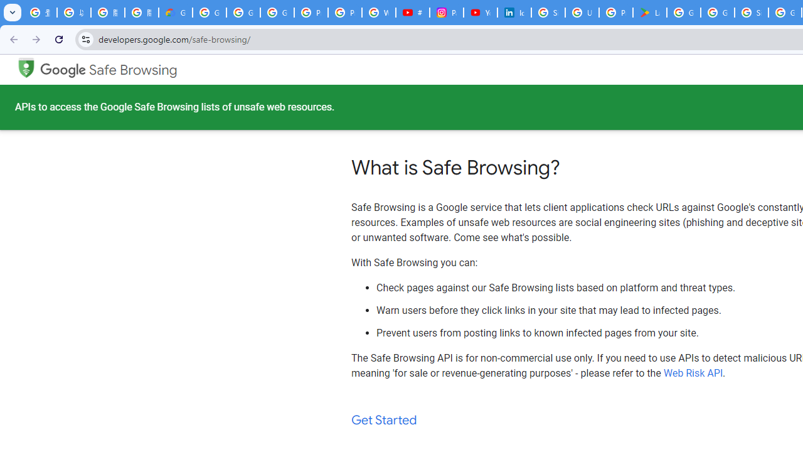 This screenshot has height=452, width=803. I want to click on 'Google Safe Browsing', so click(109, 70).